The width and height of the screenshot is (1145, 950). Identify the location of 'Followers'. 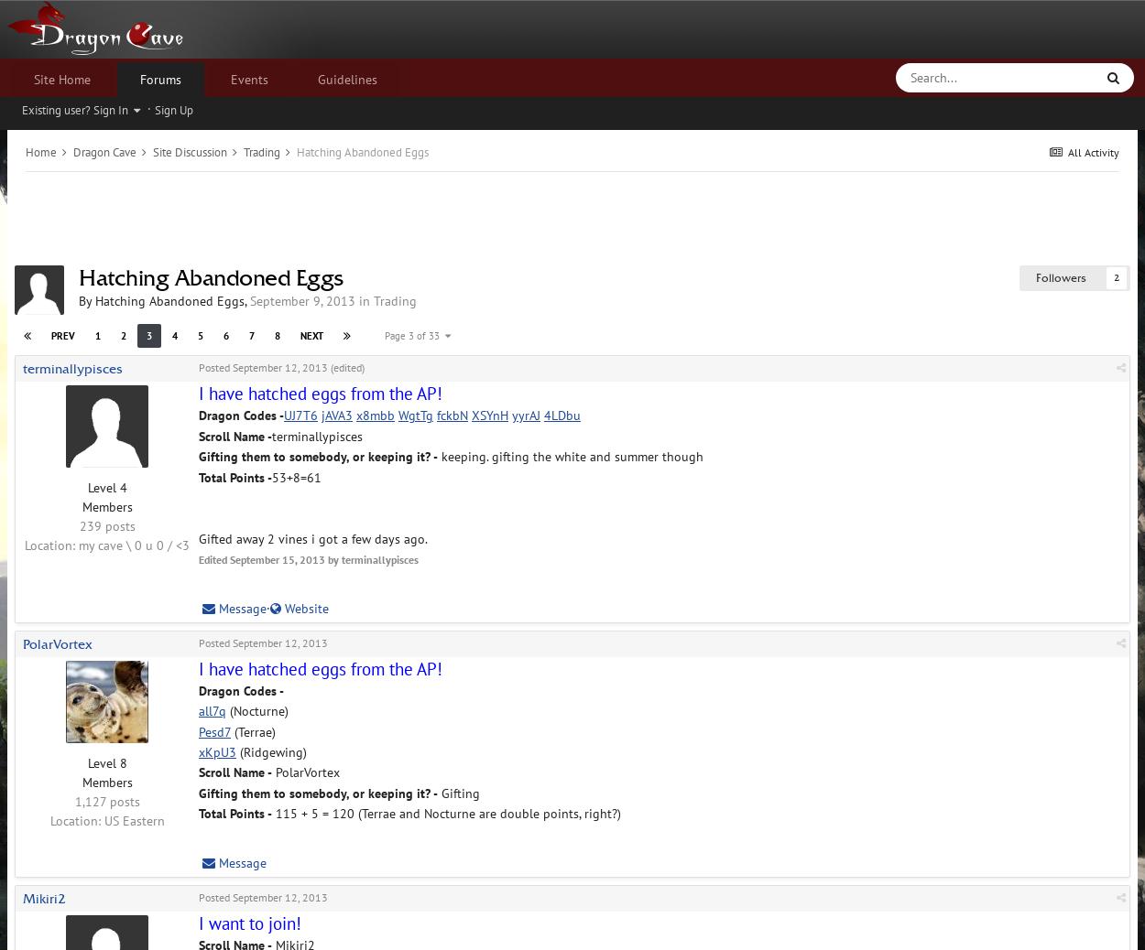
(1036, 277).